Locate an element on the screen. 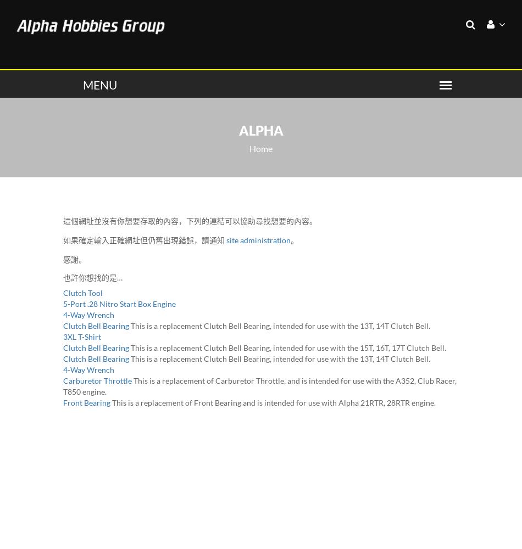  '5-Port .28 Nitro Start Box Engine' is located at coordinates (63, 303).